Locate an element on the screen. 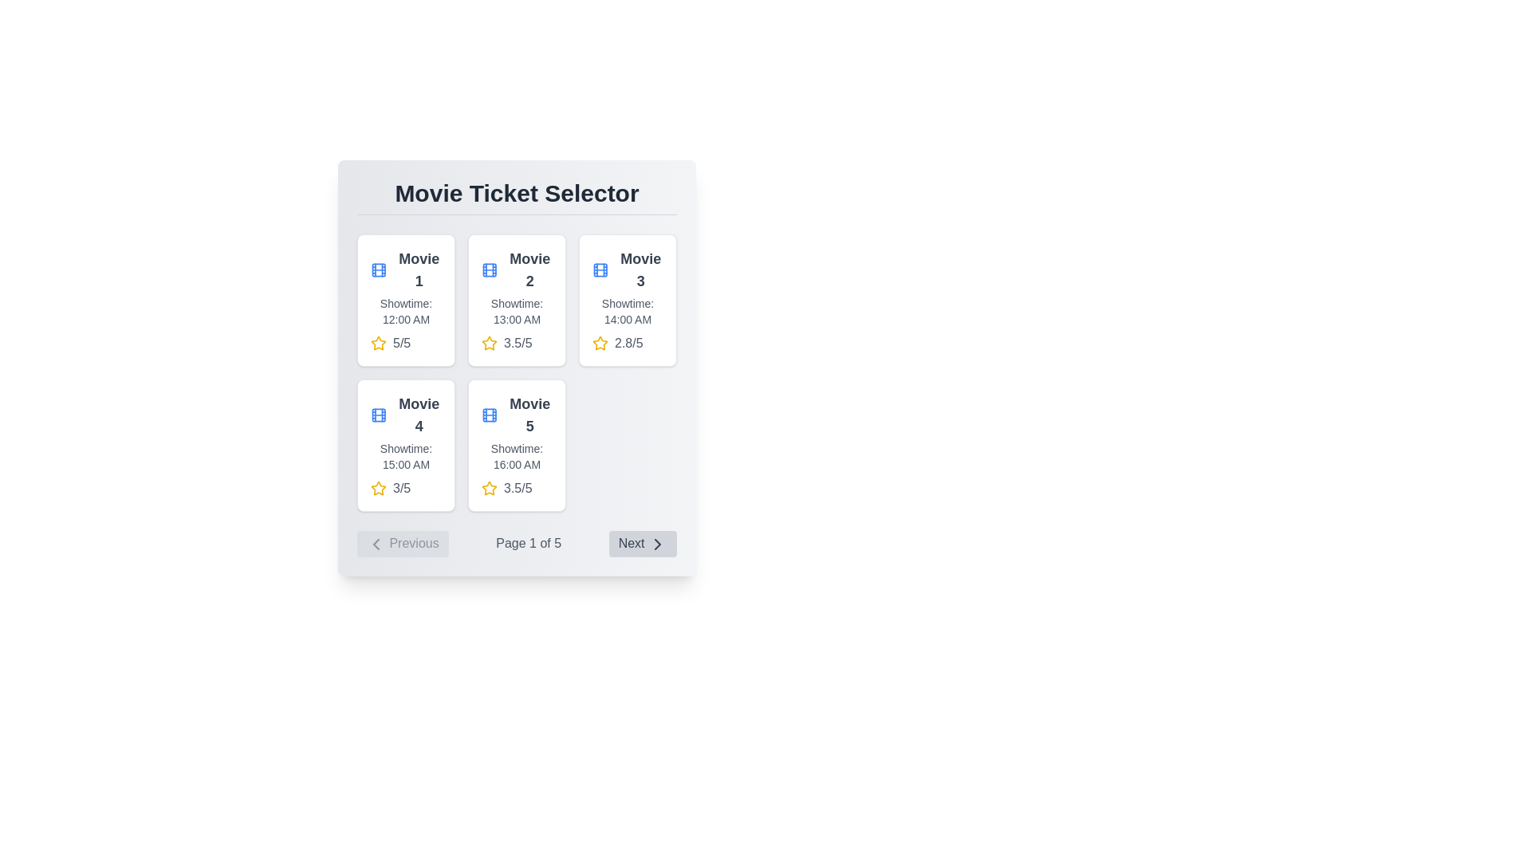  the text label displaying the title 'Movie 5', which is large and bold, gray in color, positioned above the showtime text and below a film reel icon is located at coordinates (529, 414).